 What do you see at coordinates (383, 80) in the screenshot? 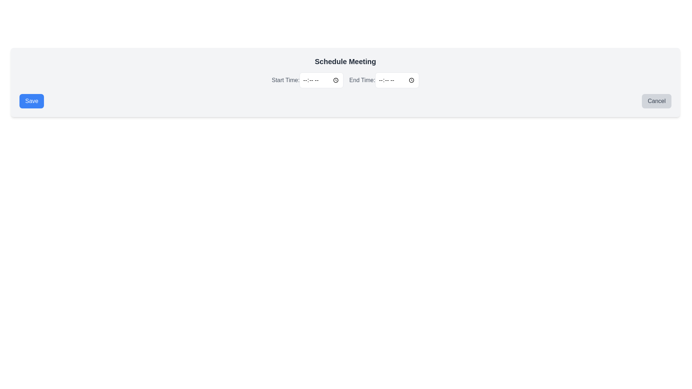
I see `the Time input field located under the 'Schedule Meeting' title` at bounding box center [383, 80].